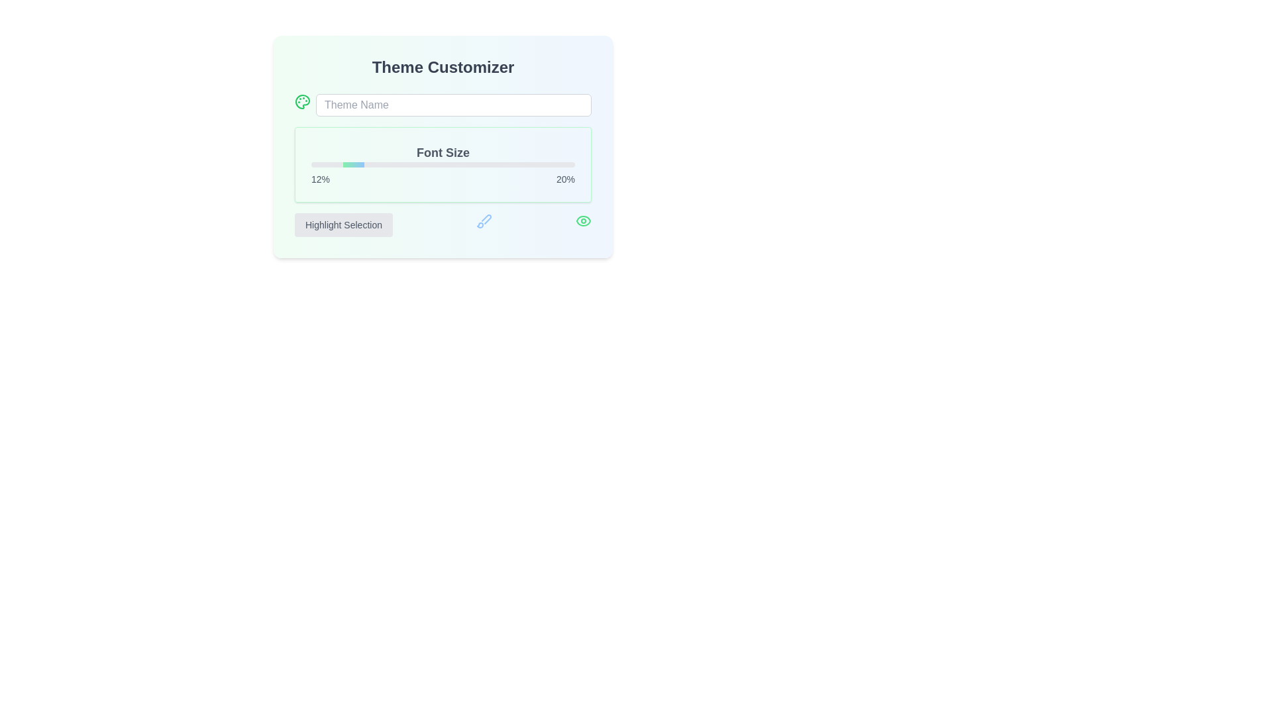 The image size is (1272, 715). Describe the element at coordinates (443, 67) in the screenshot. I see `title text at the top center of the theme customization tool interface to understand its purpose` at that location.